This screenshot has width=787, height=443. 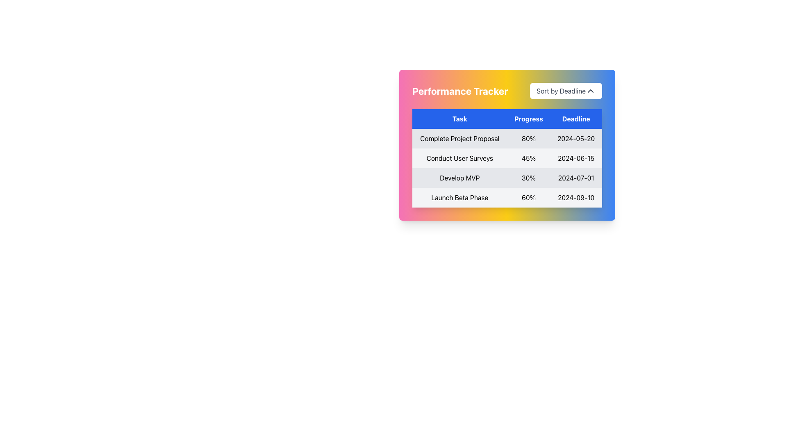 I want to click on the Text Label that serves as a descriptive task name in the top-left cell of the table under 'Task', so click(x=459, y=138).